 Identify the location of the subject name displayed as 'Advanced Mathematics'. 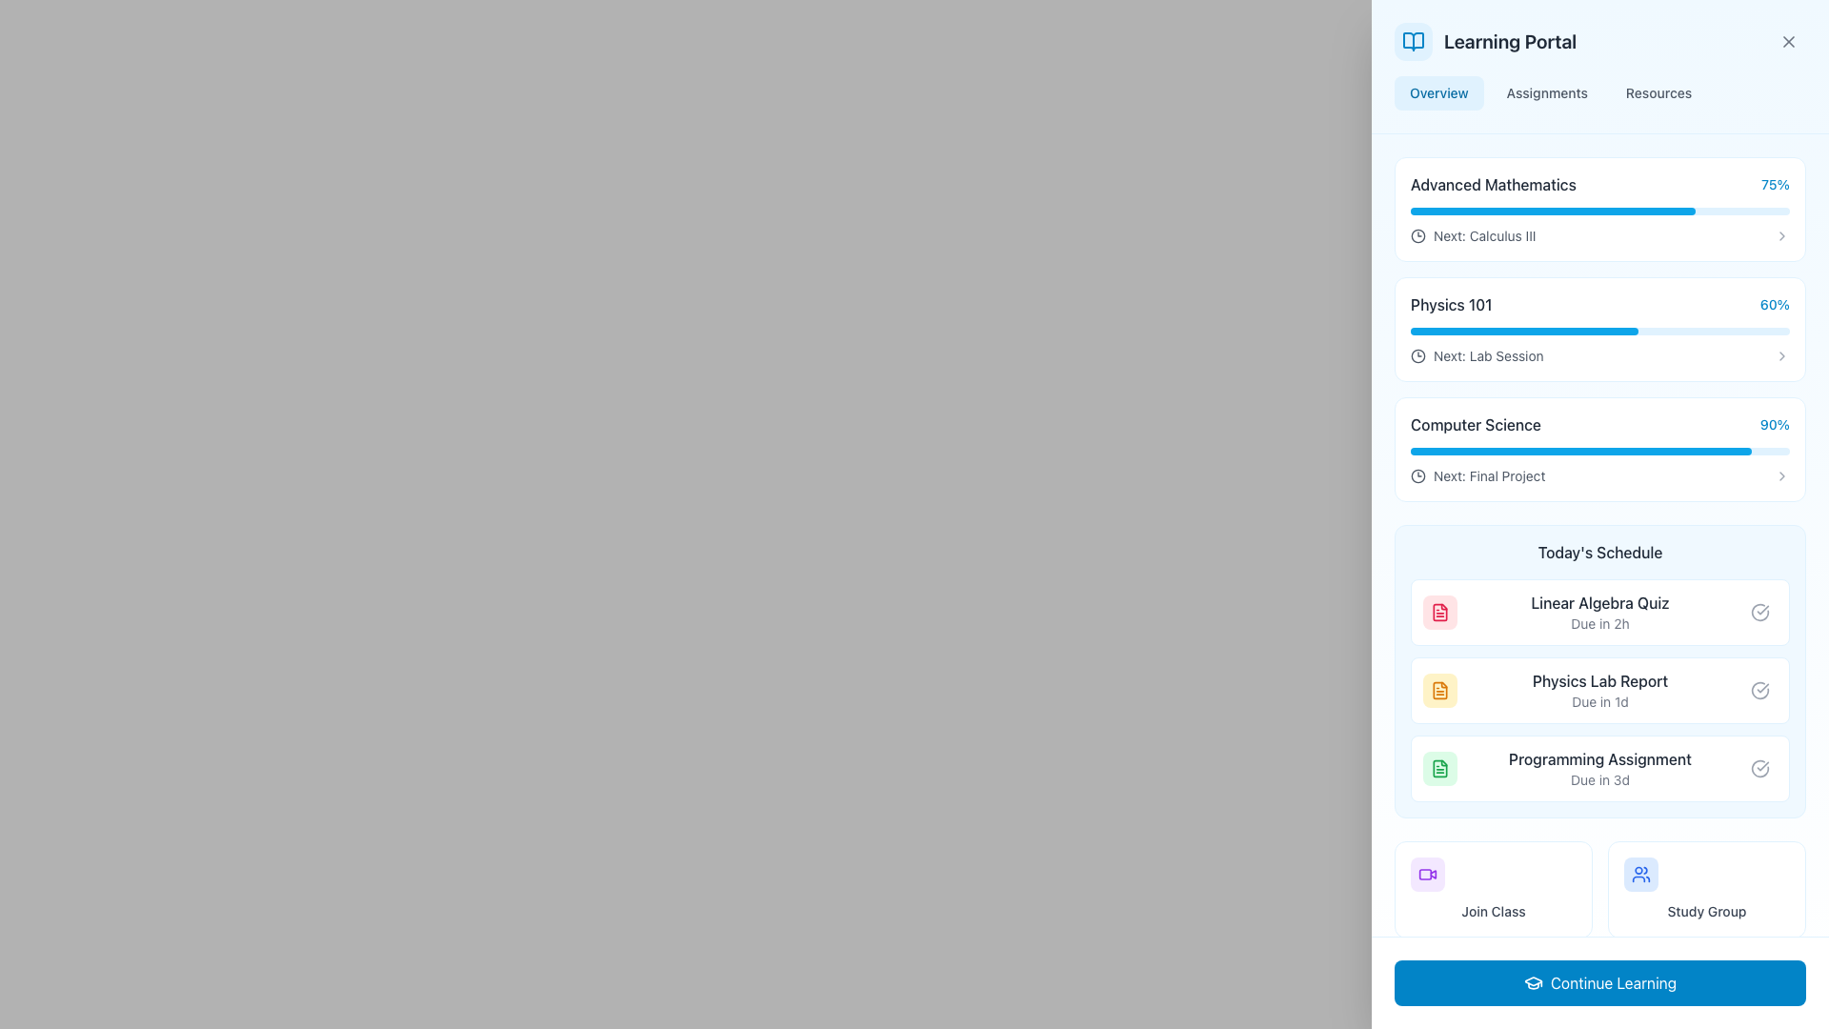
(1600, 184).